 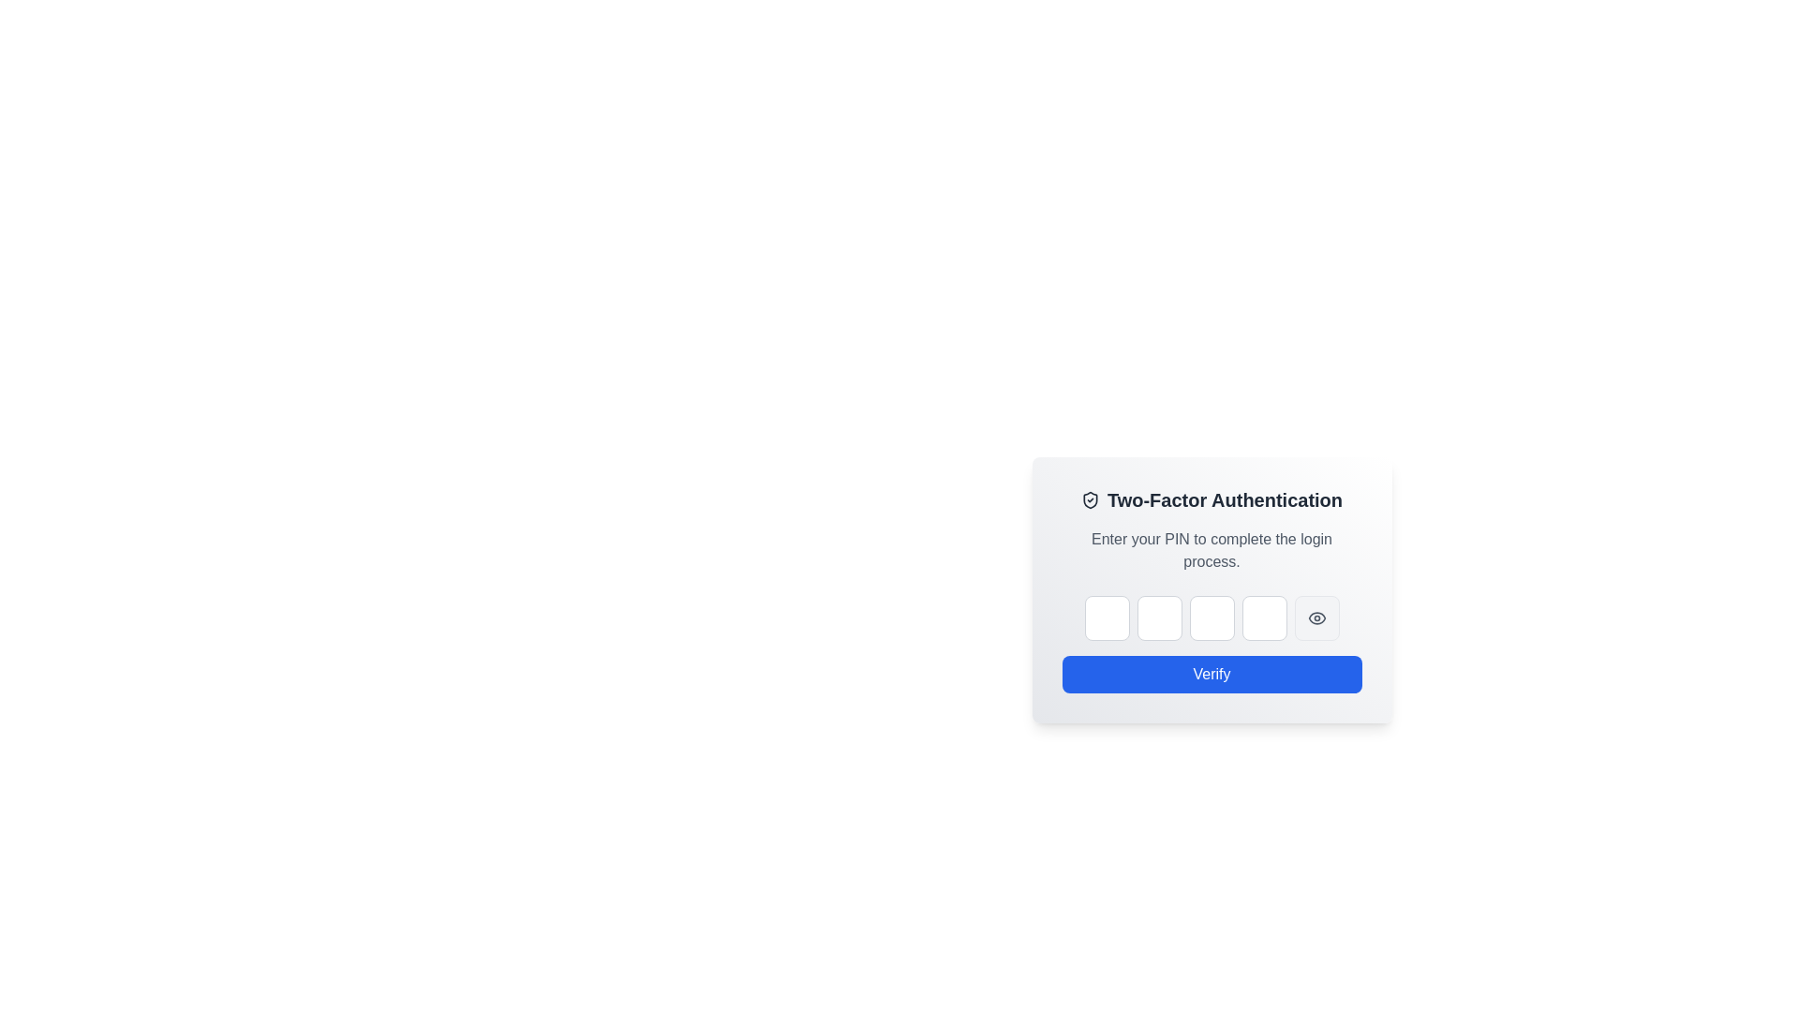 What do you see at coordinates (1212, 618) in the screenshot?
I see `the Password input field, which is the third element in a group of five horizontally aligned fields within the two-factor authentication panel` at bounding box center [1212, 618].